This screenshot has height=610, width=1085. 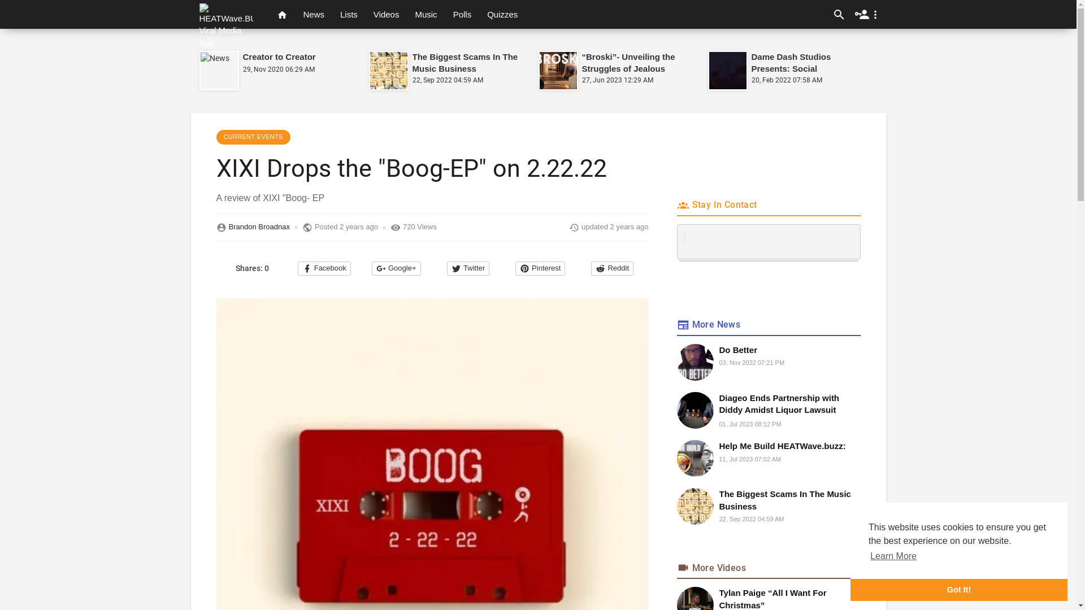 What do you see at coordinates (282, 14) in the screenshot?
I see `'Home'` at bounding box center [282, 14].